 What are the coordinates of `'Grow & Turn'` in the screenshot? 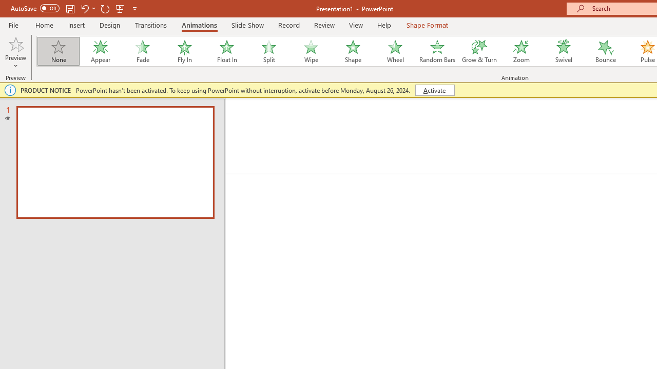 It's located at (479, 51).